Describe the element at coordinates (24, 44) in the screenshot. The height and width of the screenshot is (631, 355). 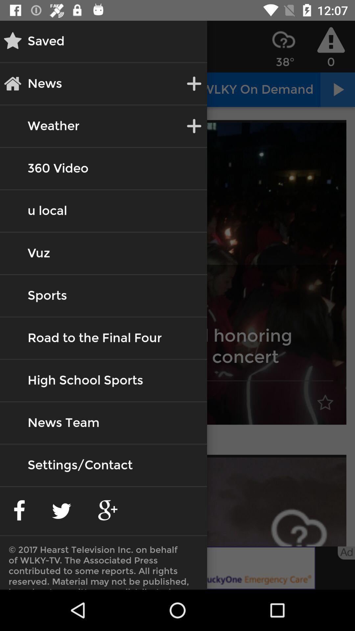
I see `the star icon` at that location.